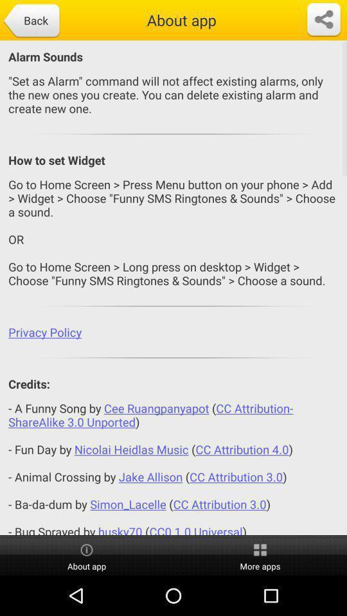 This screenshot has height=616, width=347. What do you see at coordinates (323, 19) in the screenshot?
I see `a place to share the link for a page to different places` at bounding box center [323, 19].